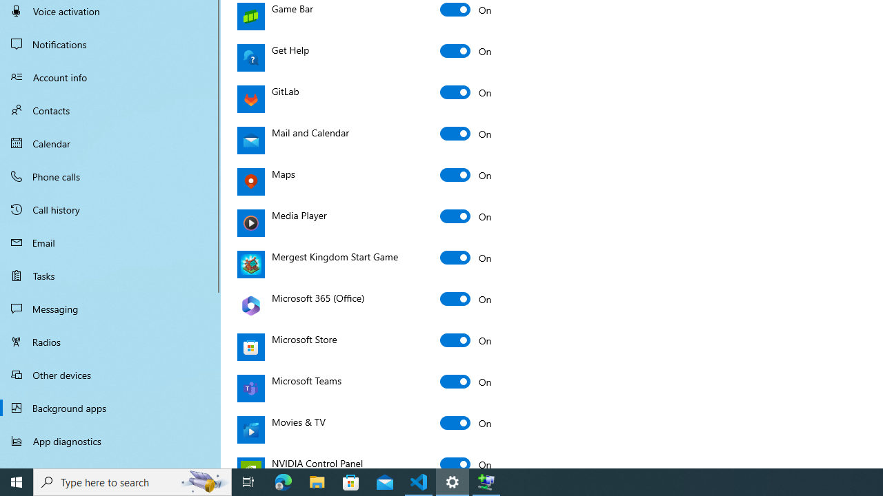 This screenshot has width=883, height=496. I want to click on 'File Explorer', so click(317, 481).